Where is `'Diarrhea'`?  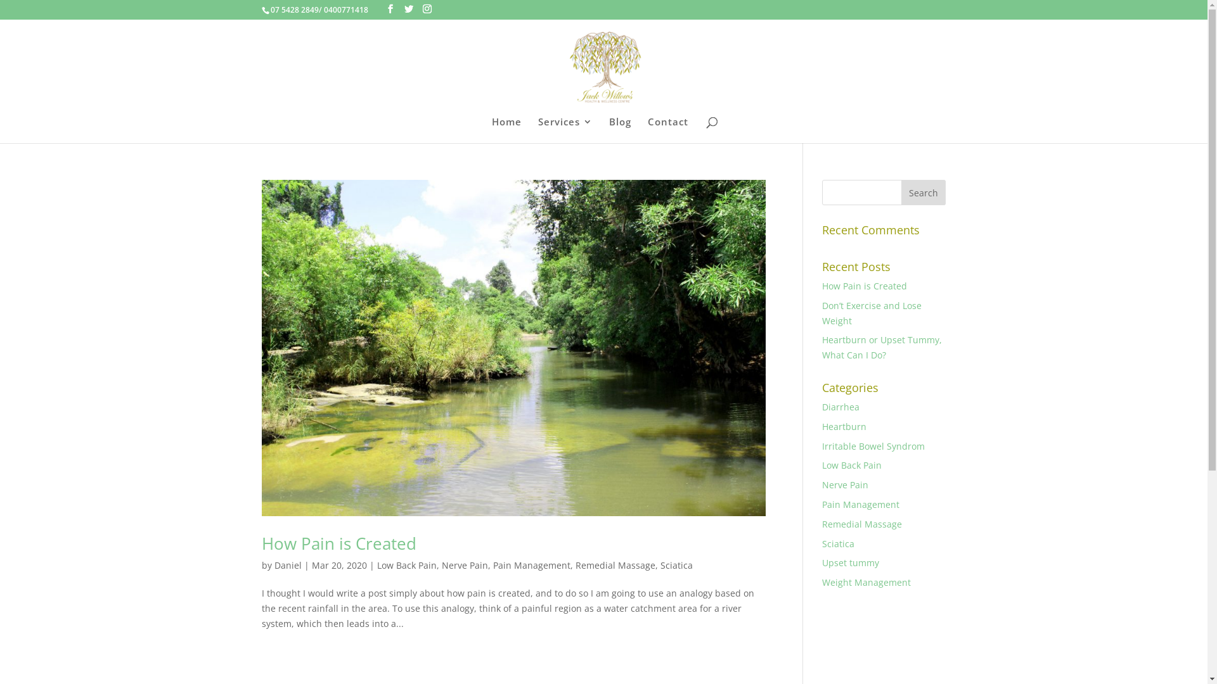
'Diarrhea' is located at coordinates (840, 407).